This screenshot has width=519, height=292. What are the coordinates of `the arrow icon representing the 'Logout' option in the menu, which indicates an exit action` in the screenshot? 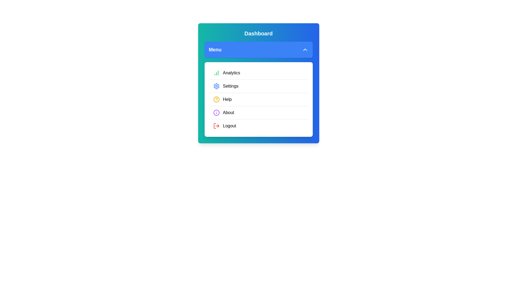 It's located at (218, 126).